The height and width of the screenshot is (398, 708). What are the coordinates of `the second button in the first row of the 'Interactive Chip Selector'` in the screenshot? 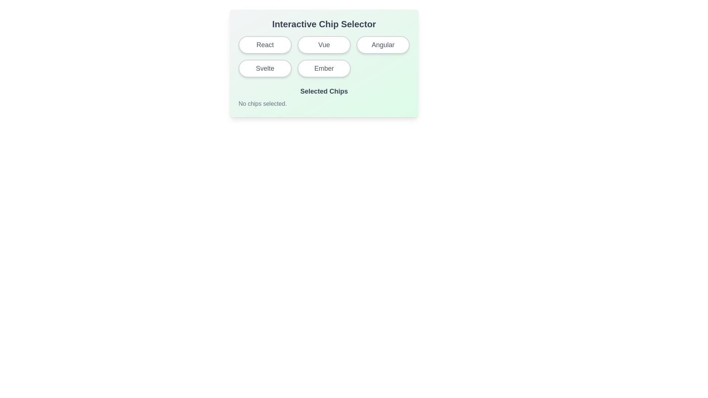 It's located at (324, 45).